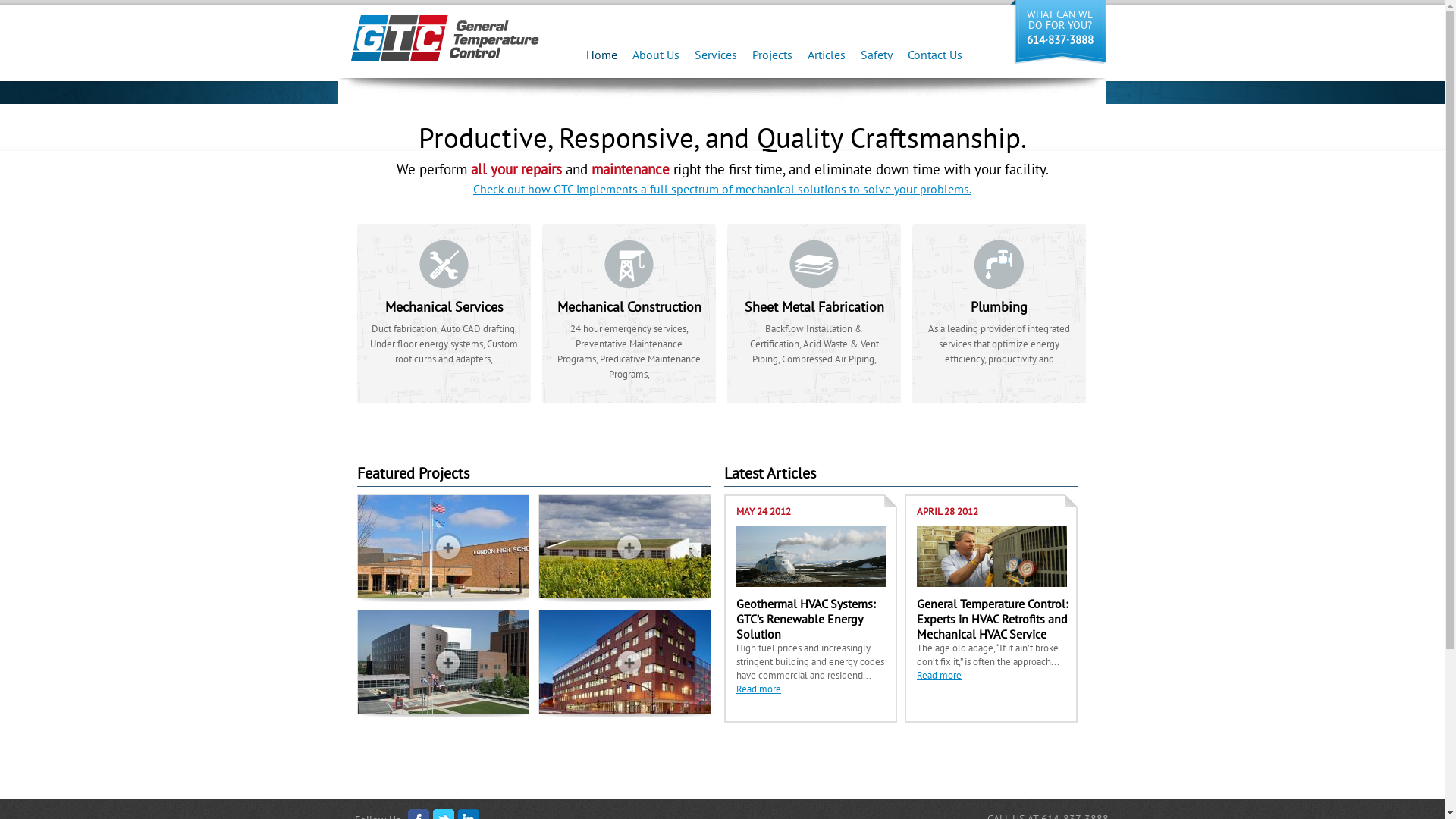 This screenshot has height=819, width=1456. I want to click on 'About Us', so click(655, 54).